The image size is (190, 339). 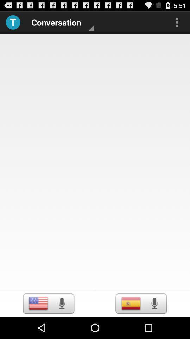 I want to click on microphone, so click(x=154, y=303).